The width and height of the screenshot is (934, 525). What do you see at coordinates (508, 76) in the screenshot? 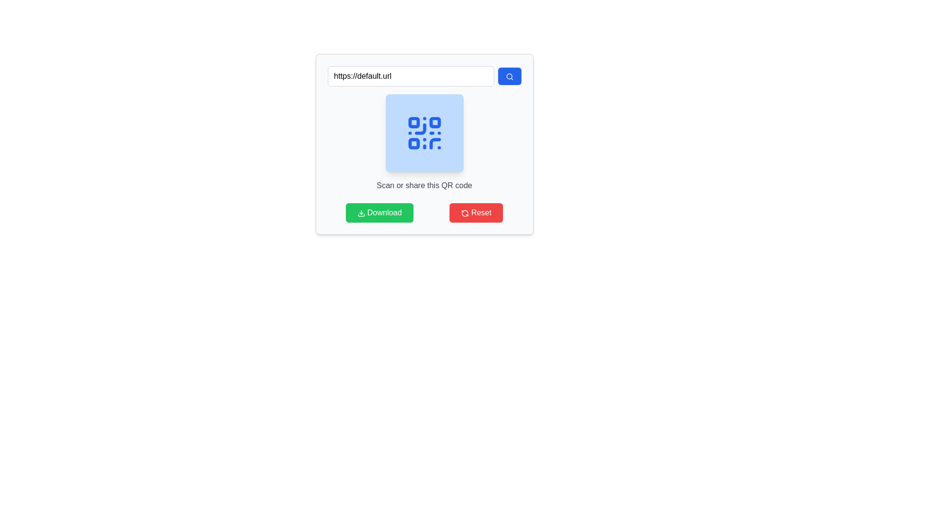
I see `the circular magnifying glass icon located in the top-right corner of the search icon, which is adjacent to a text input field` at bounding box center [508, 76].